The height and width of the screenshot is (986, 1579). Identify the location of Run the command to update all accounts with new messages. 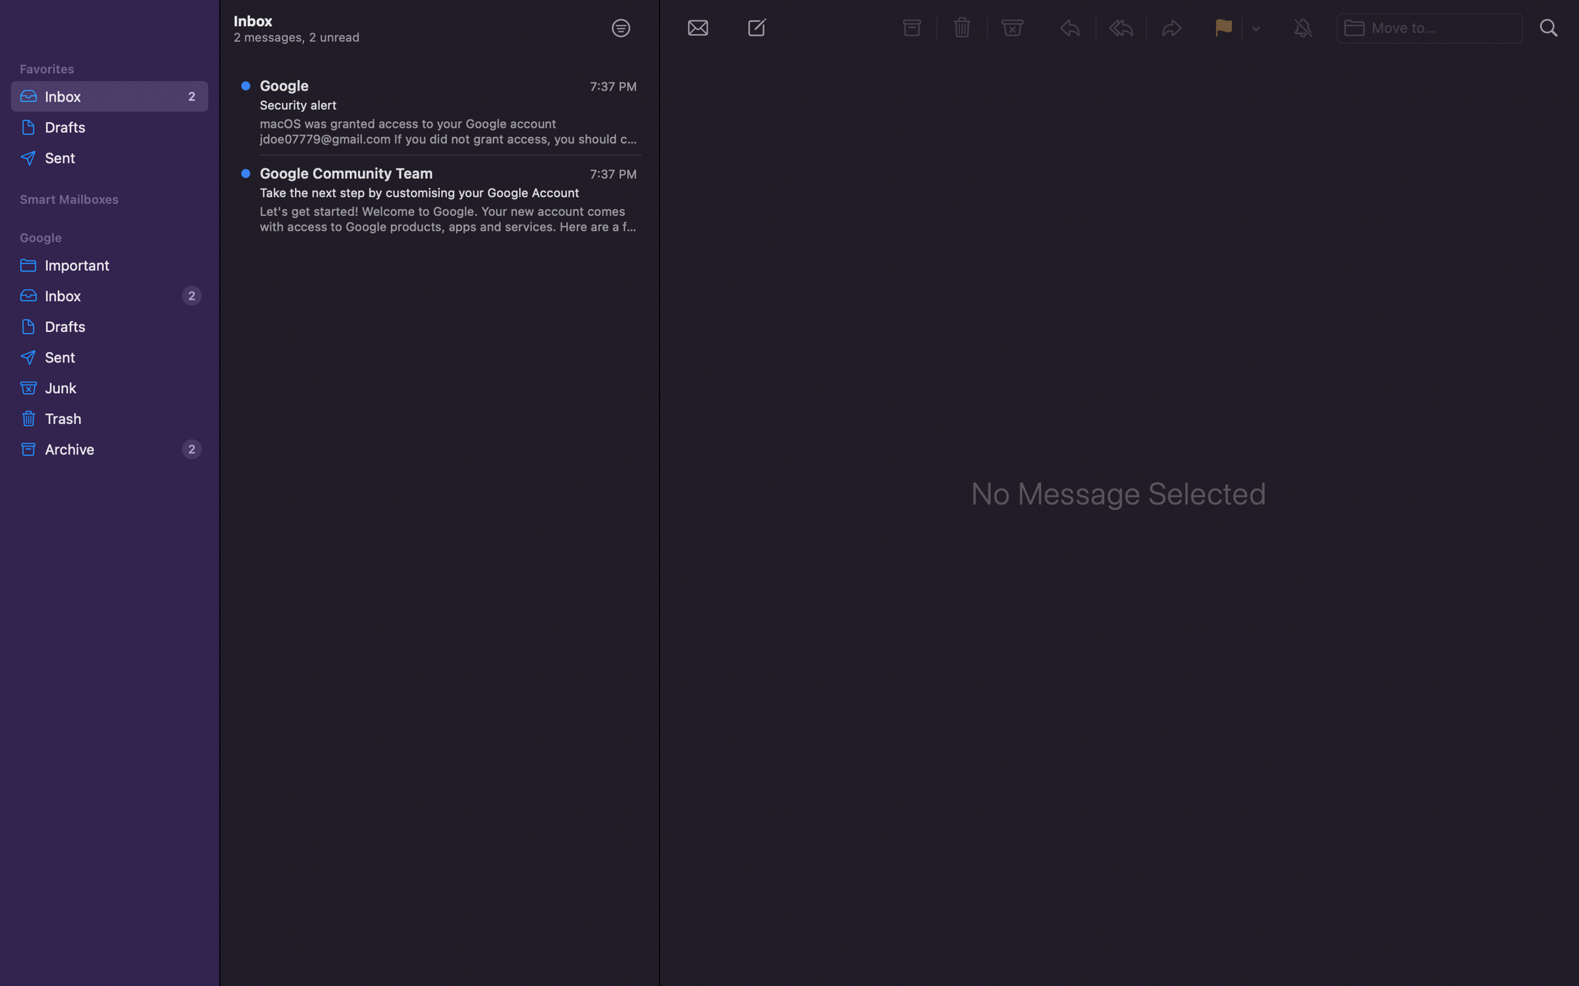
(697, 27).